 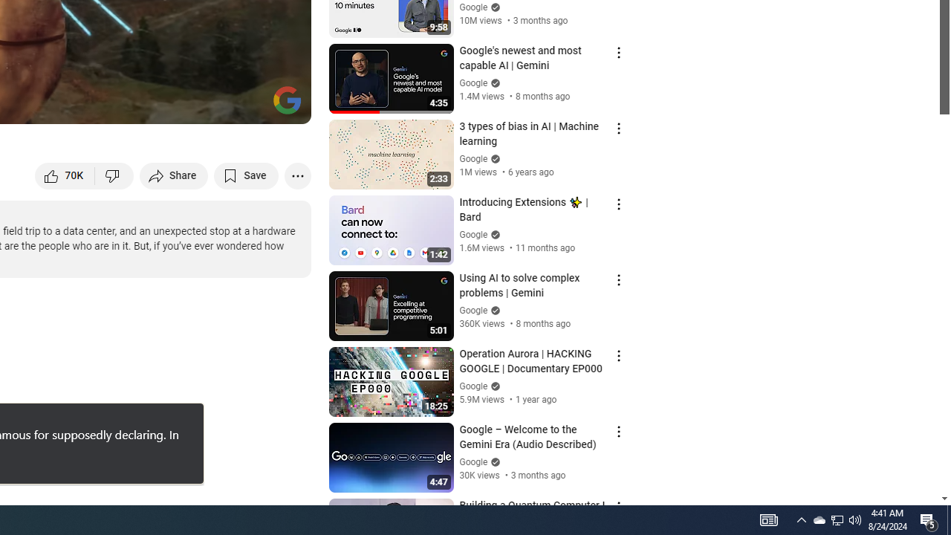 What do you see at coordinates (297, 175) in the screenshot?
I see `'More actions'` at bounding box center [297, 175].